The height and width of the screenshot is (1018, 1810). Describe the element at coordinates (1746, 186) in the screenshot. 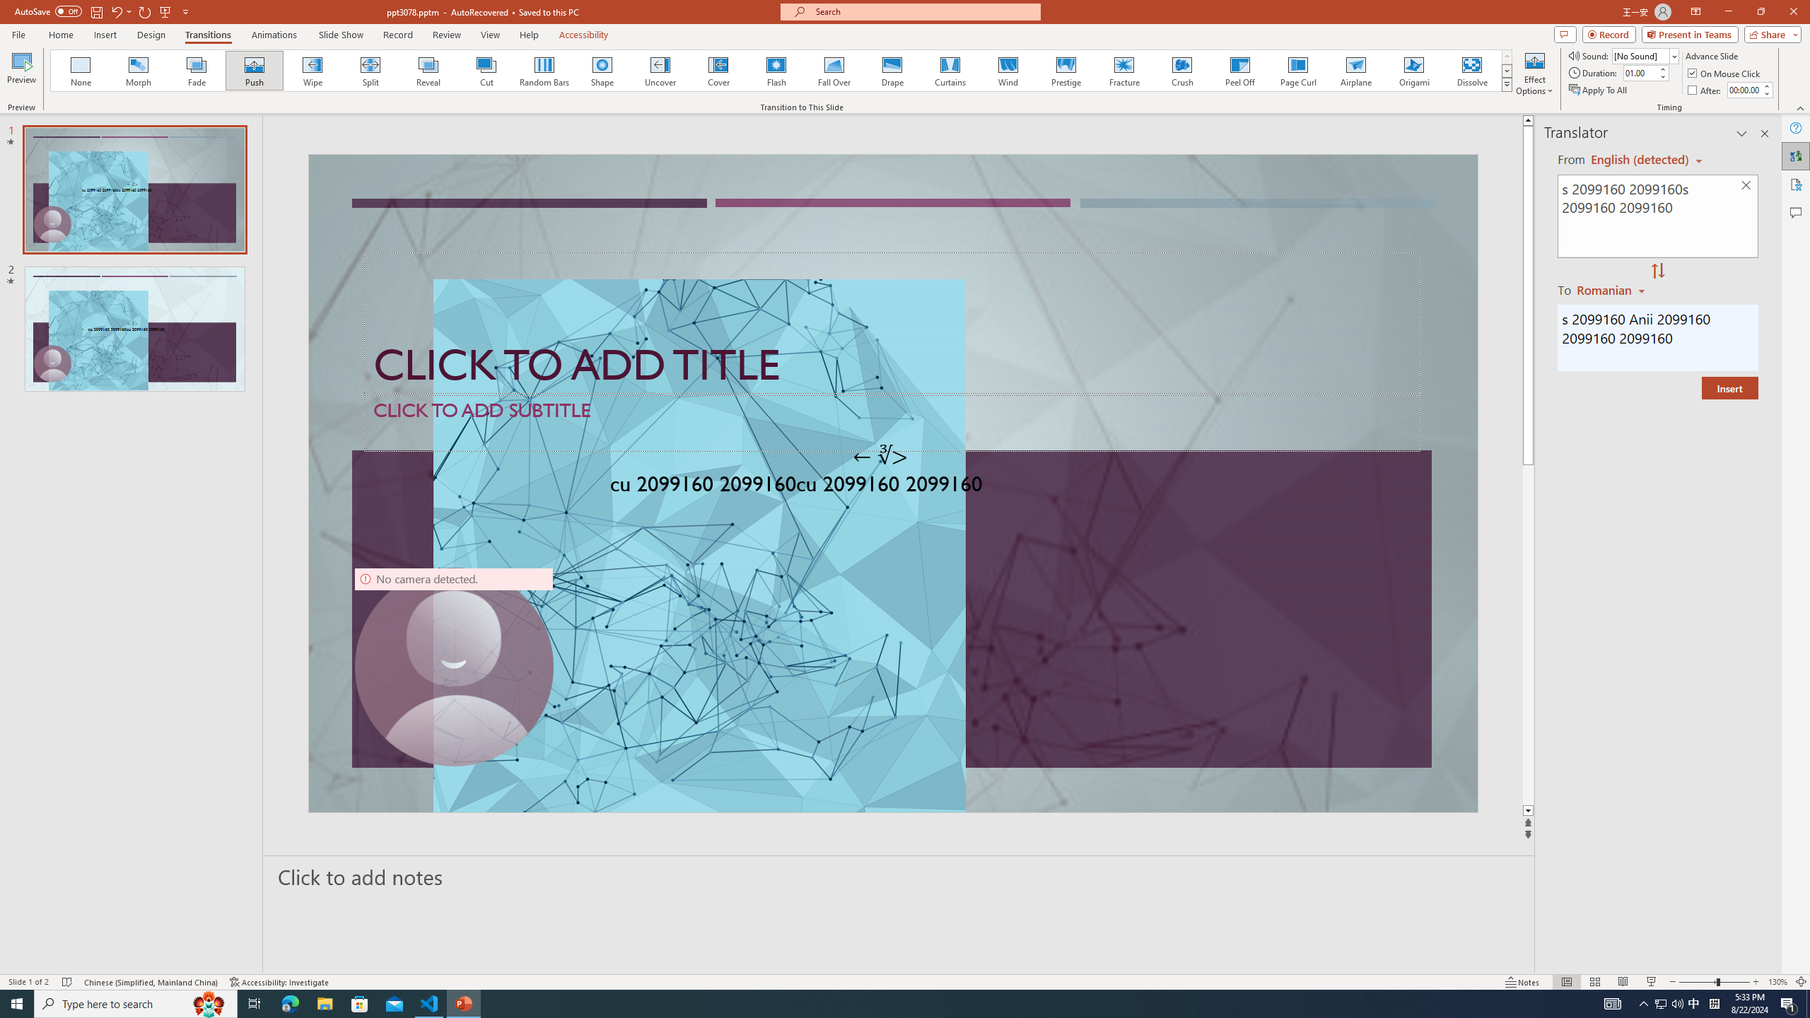

I see `'Clear text'` at that location.